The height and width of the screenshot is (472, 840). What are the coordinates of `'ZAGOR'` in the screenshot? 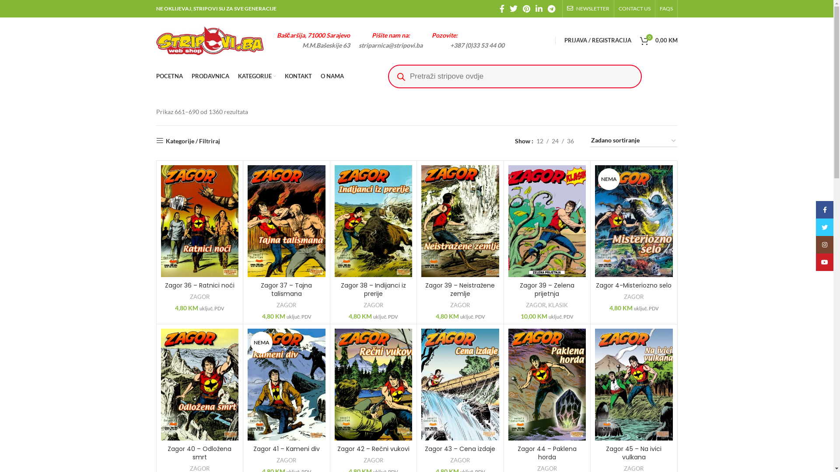 It's located at (373, 305).